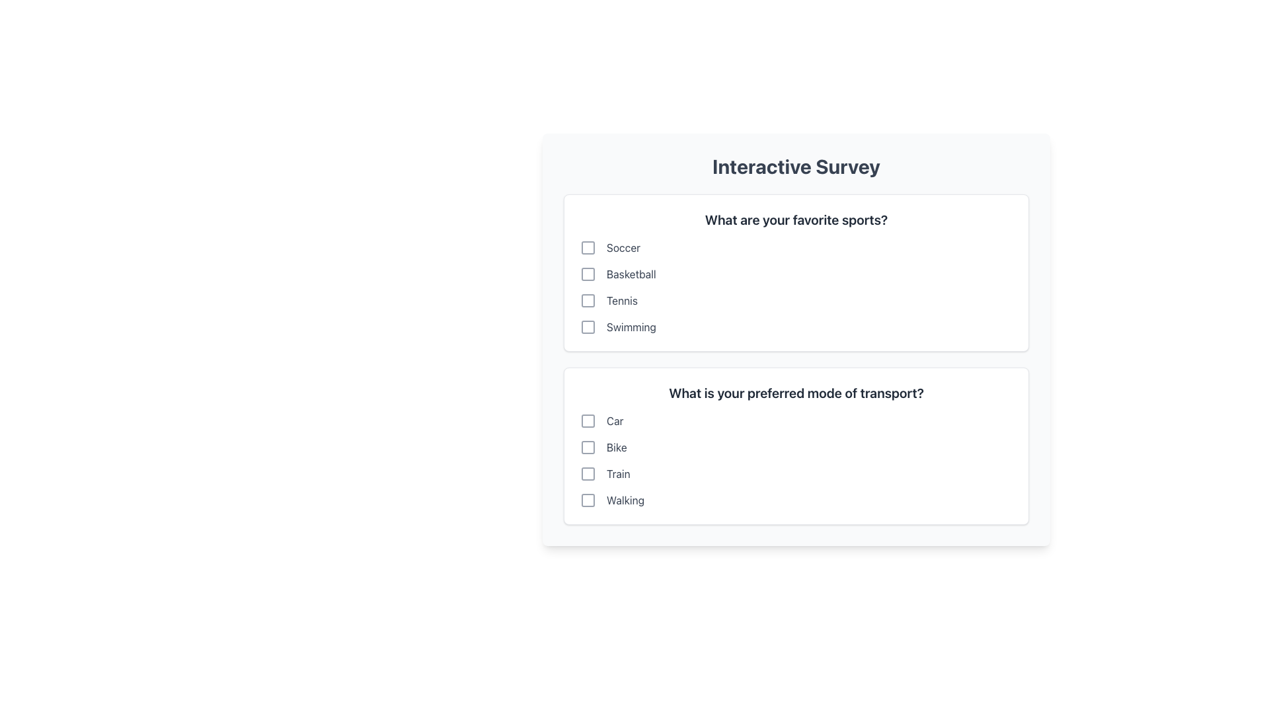 The width and height of the screenshot is (1269, 714). What do you see at coordinates (587, 327) in the screenshot?
I see `the checkbox labeled 'Swimming', which is the fourth checkbox in the list of favorite sports options` at bounding box center [587, 327].